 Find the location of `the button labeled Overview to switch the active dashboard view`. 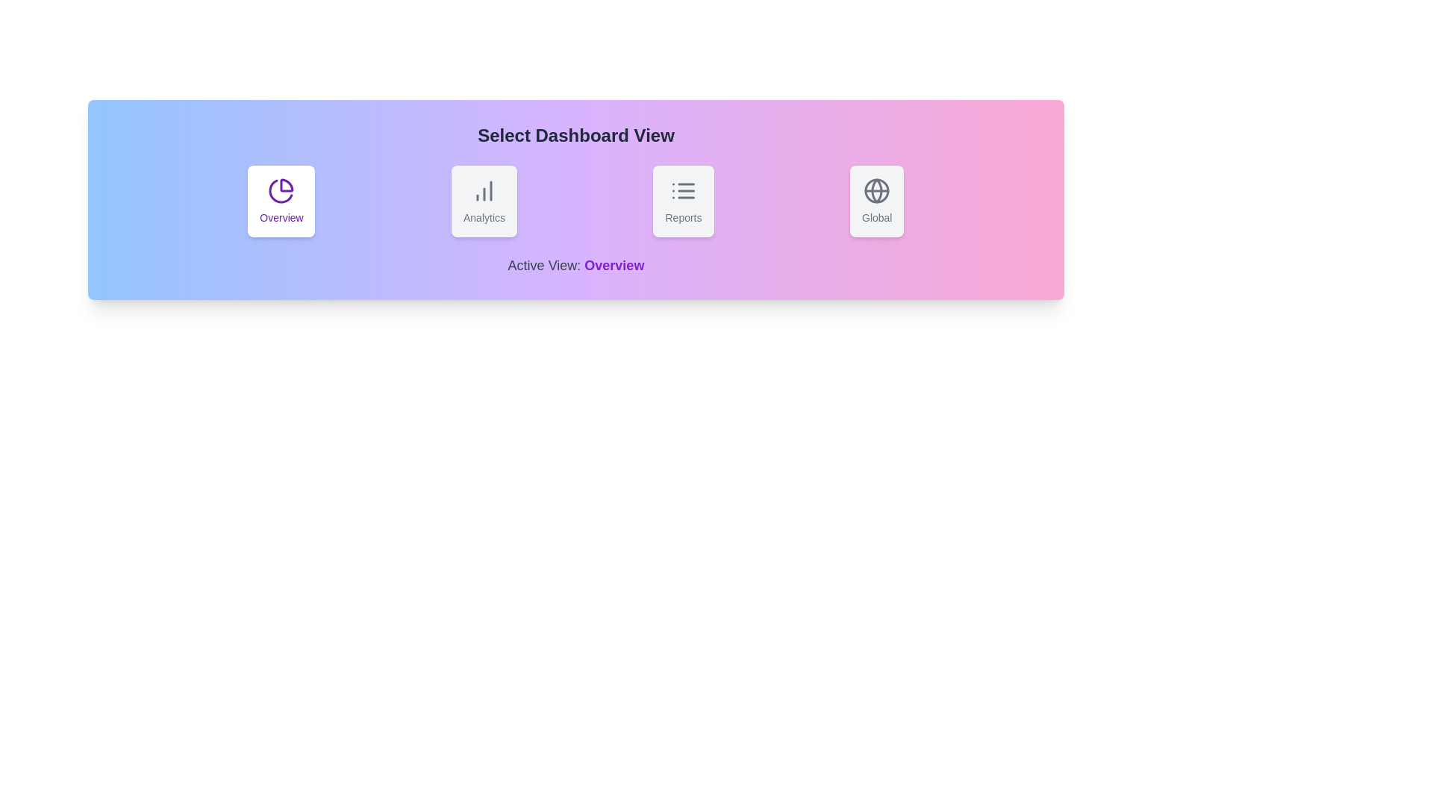

the button labeled Overview to switch the active dashboard view is located at coordinates (281, 201).